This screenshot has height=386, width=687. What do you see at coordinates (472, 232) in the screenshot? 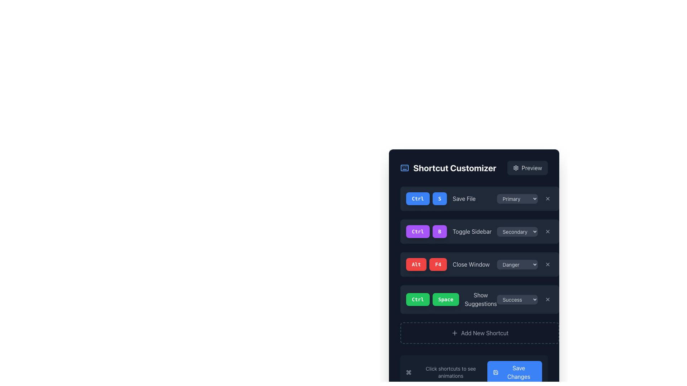
I see `the 'Toggle Sidebar' text label, which is styled in gray and positioned to the right of the 'Ctrl' and 'B' buttons in the shortcut customizer interface` at bounding box center [472, 232].